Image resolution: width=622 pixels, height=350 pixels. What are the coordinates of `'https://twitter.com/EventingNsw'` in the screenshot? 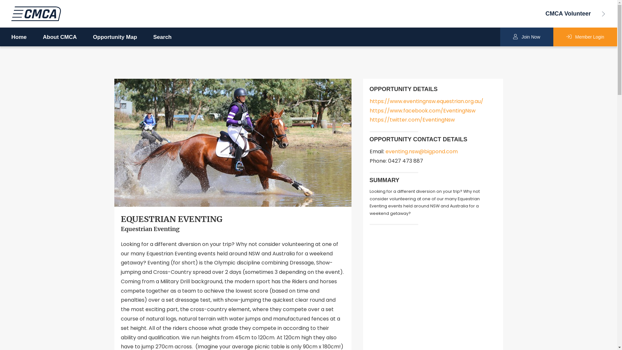 It's located at (411, 120).